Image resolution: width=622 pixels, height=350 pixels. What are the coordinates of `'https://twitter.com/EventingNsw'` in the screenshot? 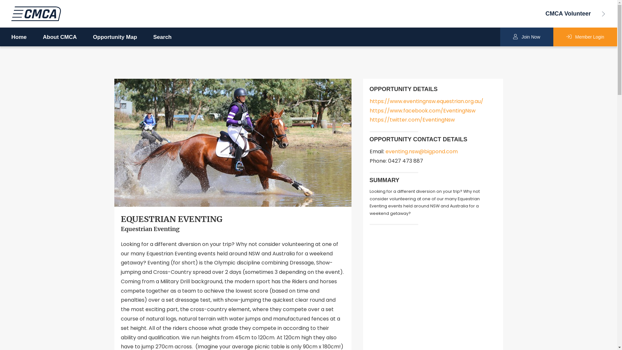 It's located at (411, 120).